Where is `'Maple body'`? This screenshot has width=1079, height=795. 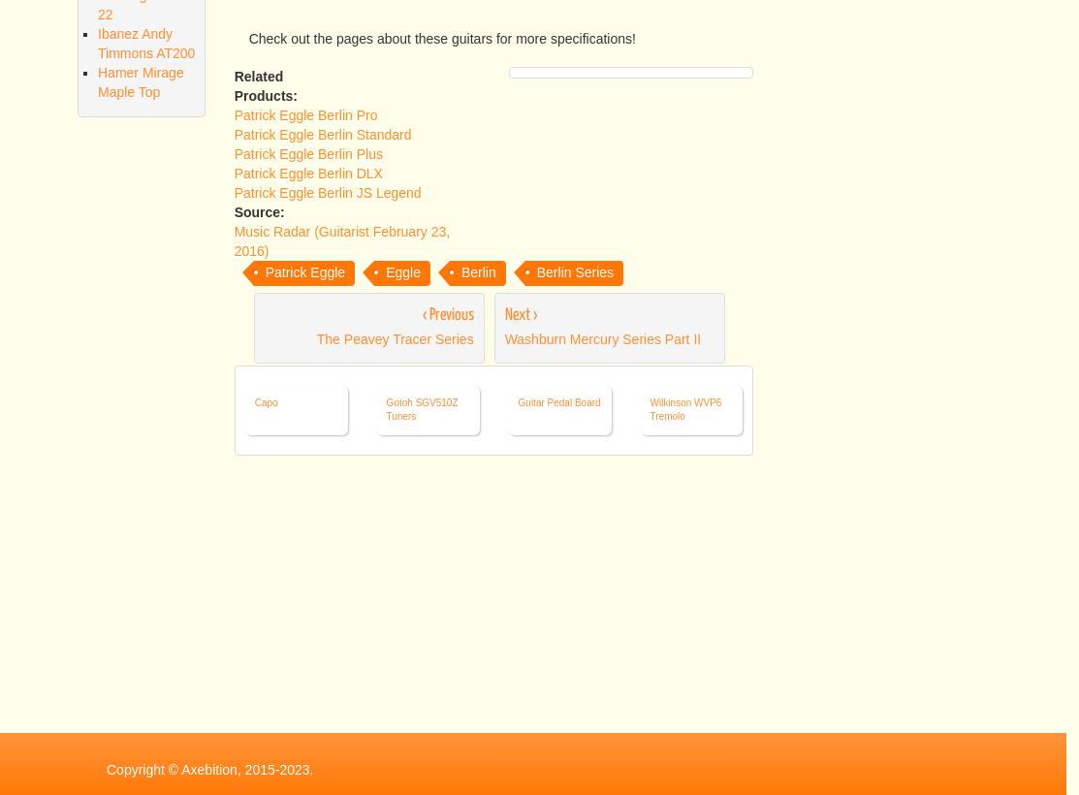 'Maple body' is located at coordinates (348, 103).